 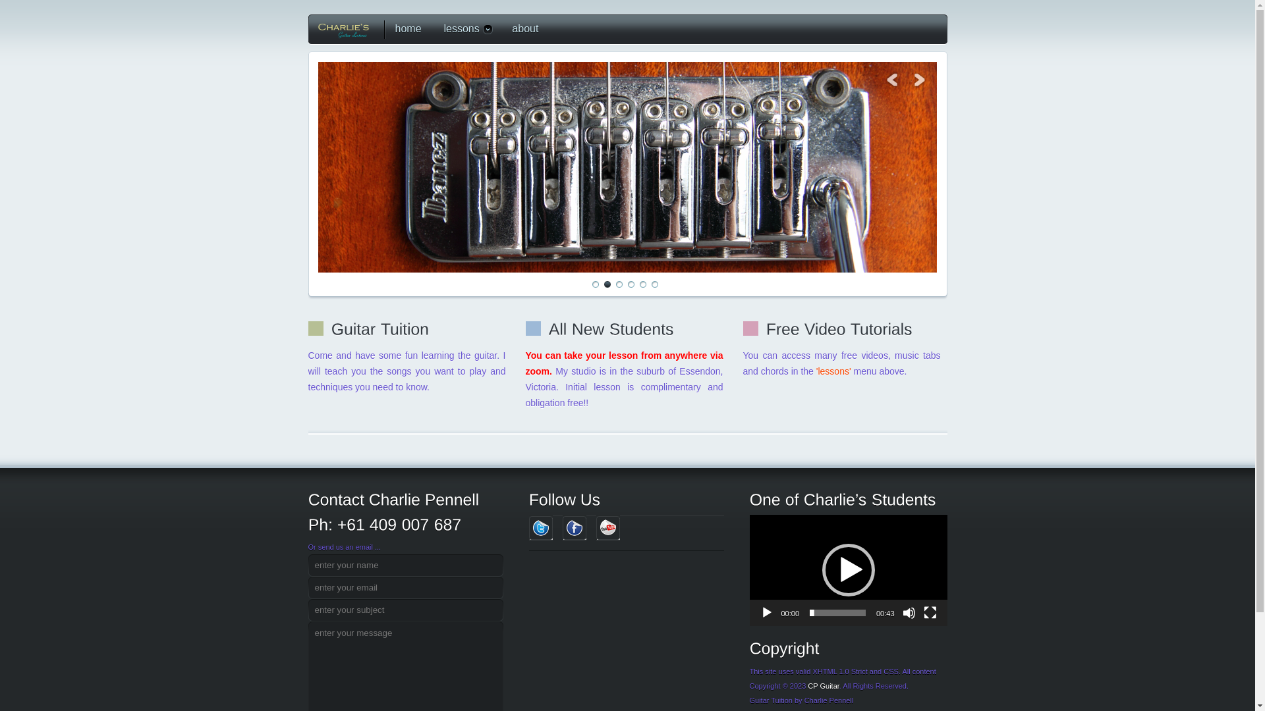 I want to click on 'Twitter', so click(x=540, y=527).